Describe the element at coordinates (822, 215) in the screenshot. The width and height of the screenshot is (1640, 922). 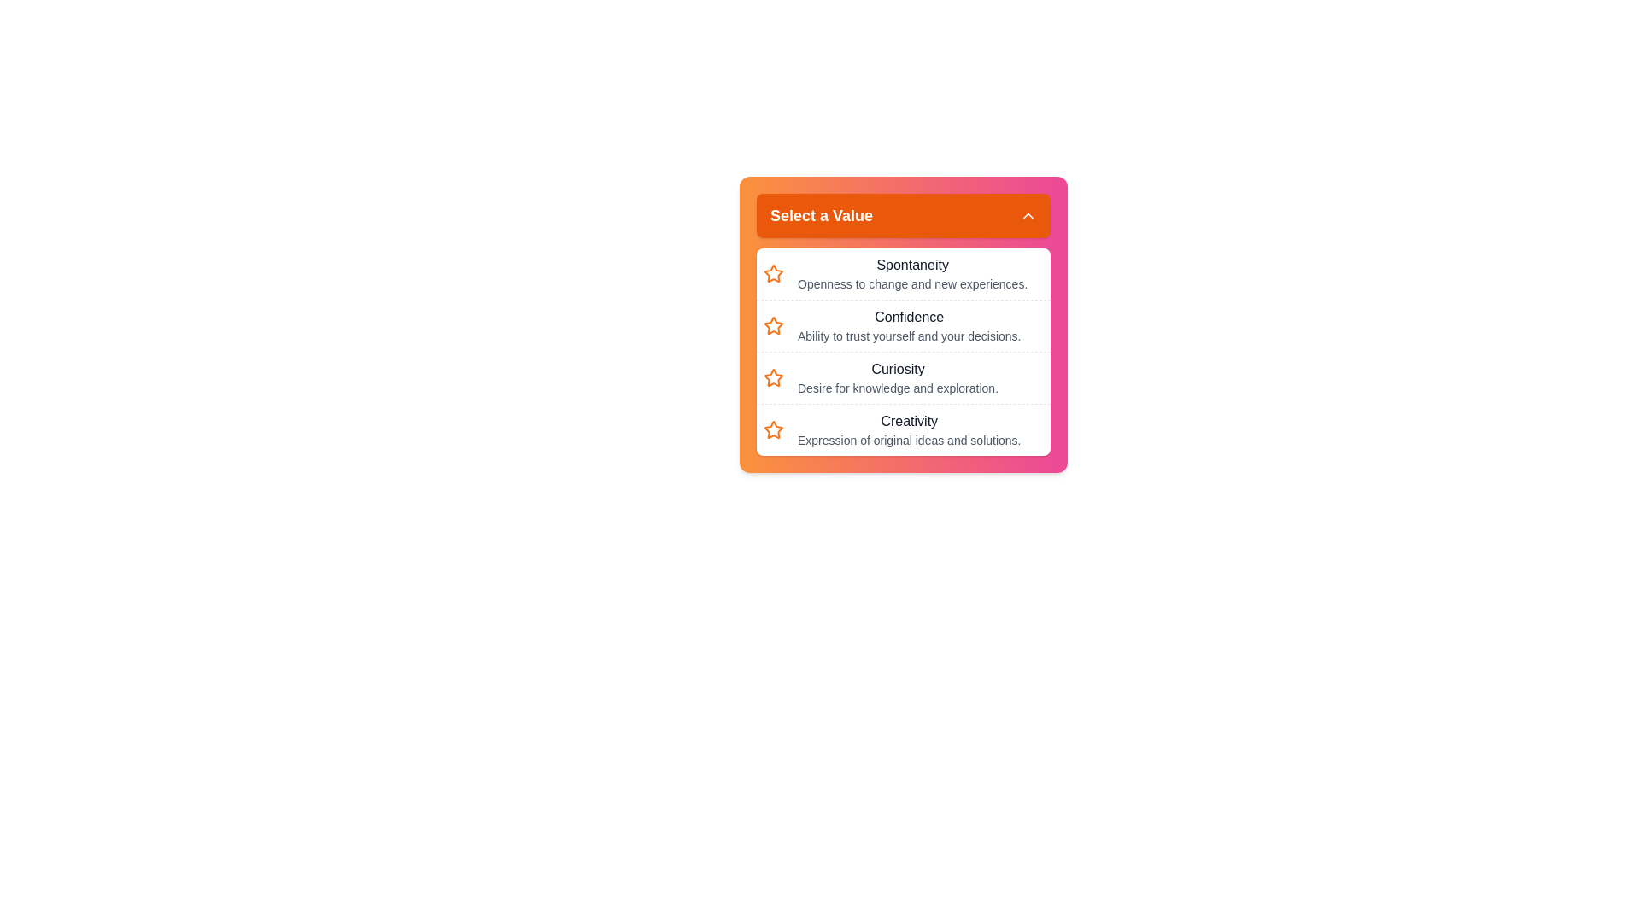
I see `the button associated with the 'Select a Value' text label` at that location.